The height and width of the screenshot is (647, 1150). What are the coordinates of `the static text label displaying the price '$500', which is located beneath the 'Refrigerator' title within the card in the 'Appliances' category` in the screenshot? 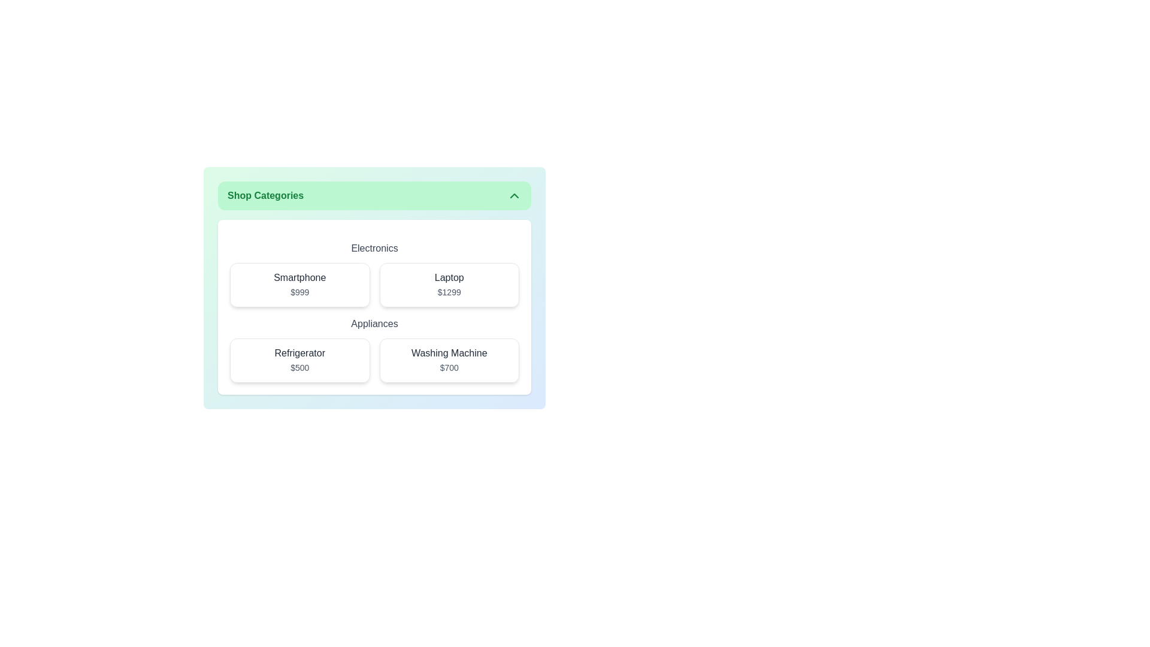 It's located at (299, 367).